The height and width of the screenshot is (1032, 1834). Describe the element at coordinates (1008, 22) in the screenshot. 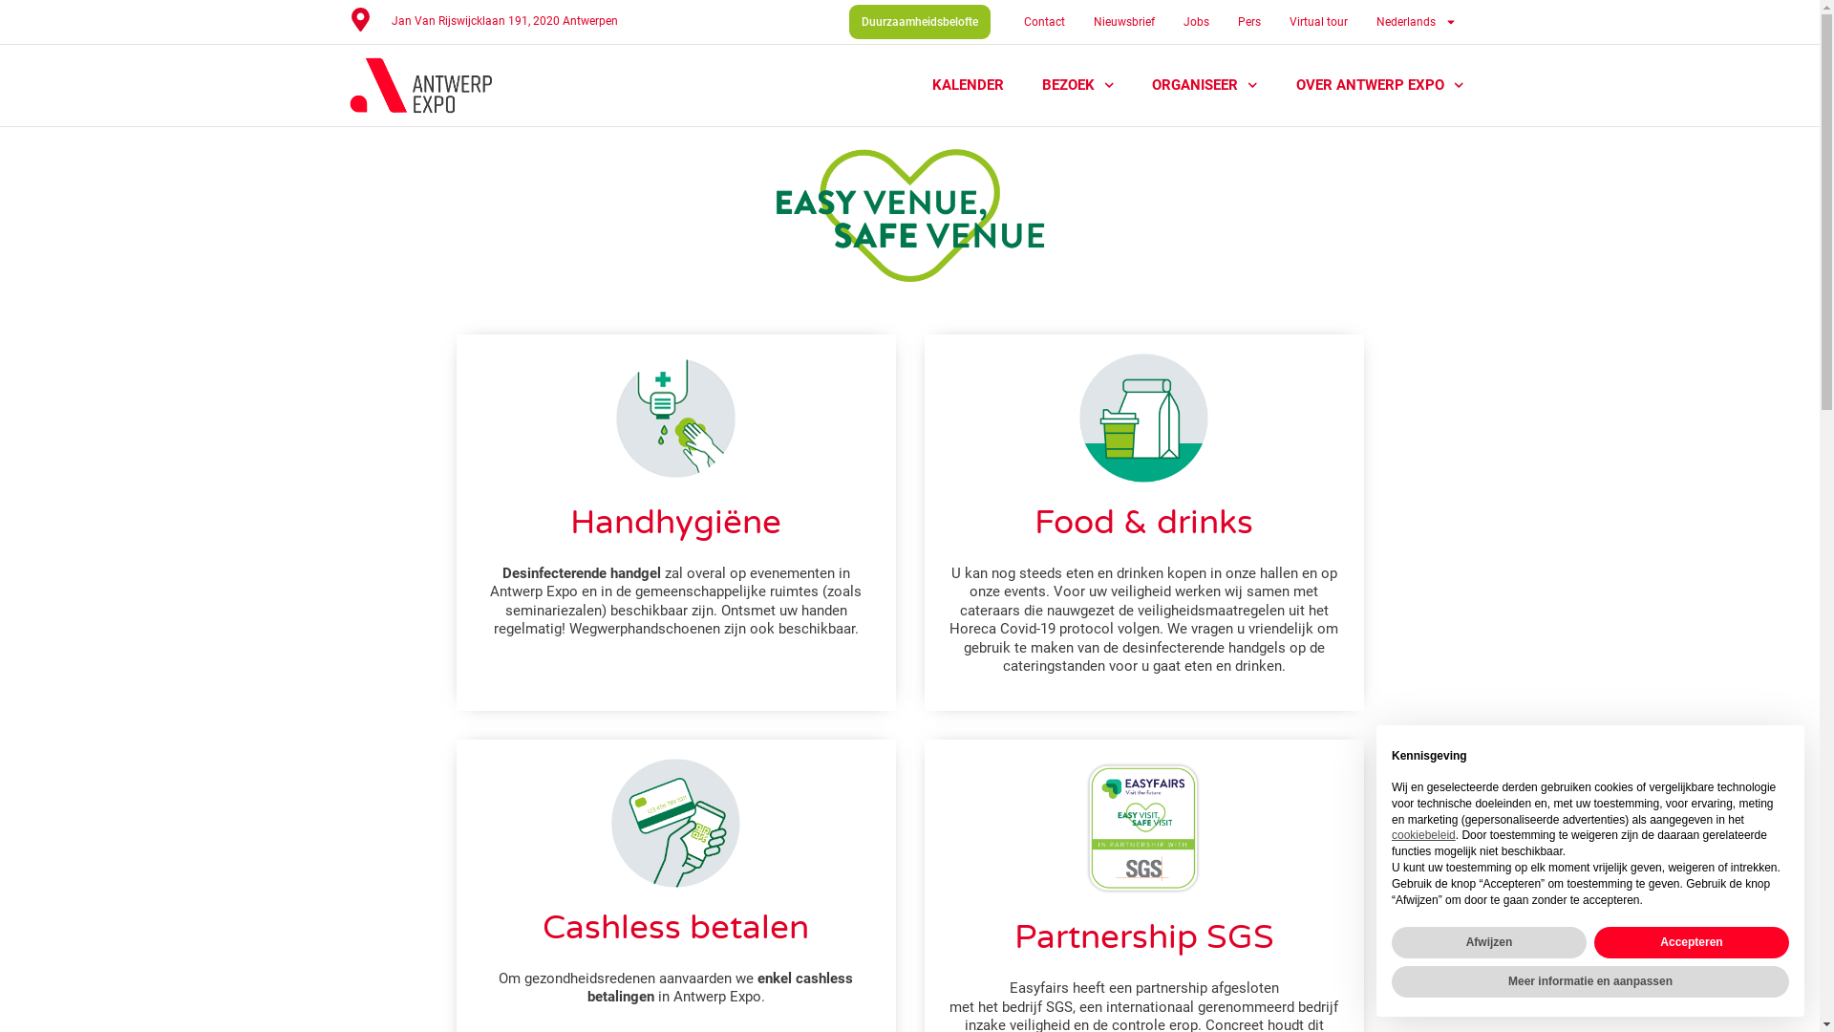

I see `'Contact'` at that location.